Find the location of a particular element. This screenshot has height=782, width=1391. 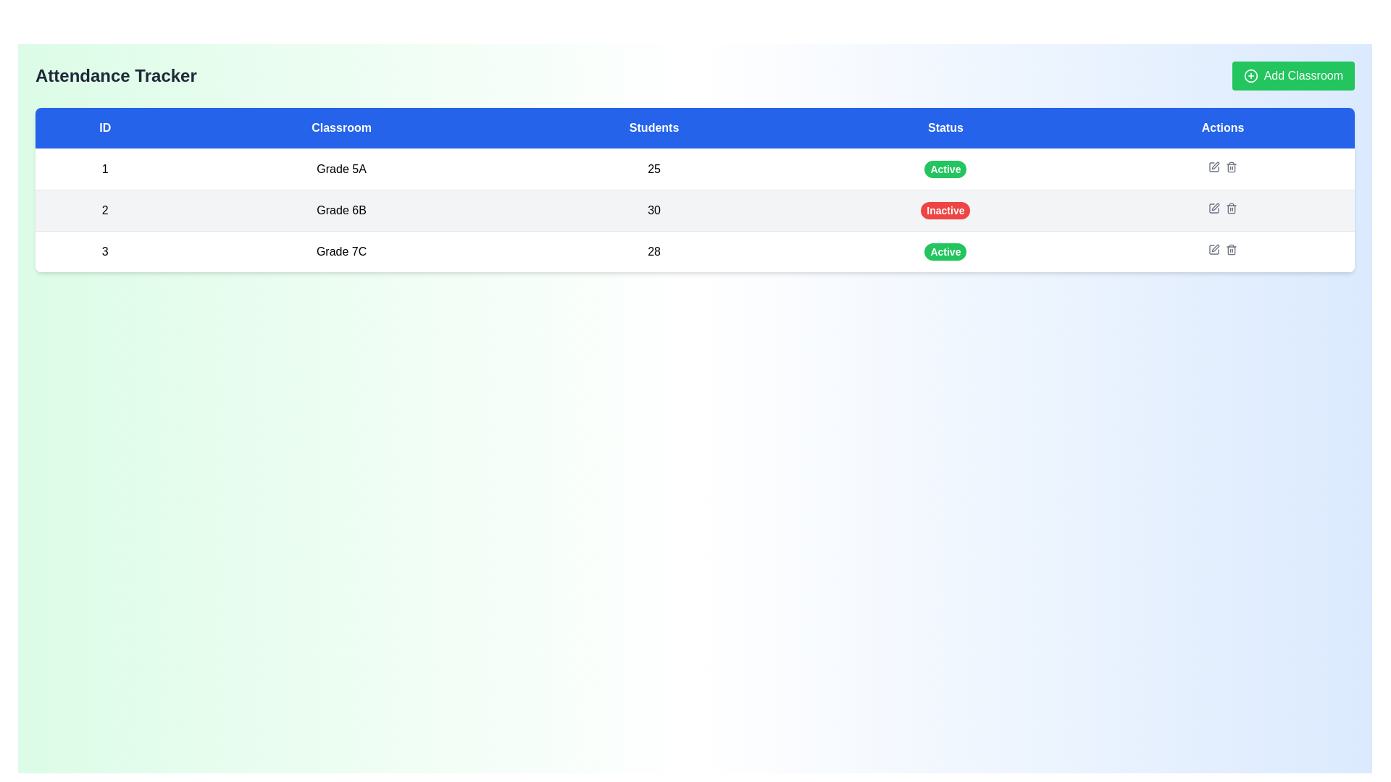

navigation on the Trash Bin icon in the Actions column of the Grade 7C row to enhance accessibility is located at coordinates (1231, 250).